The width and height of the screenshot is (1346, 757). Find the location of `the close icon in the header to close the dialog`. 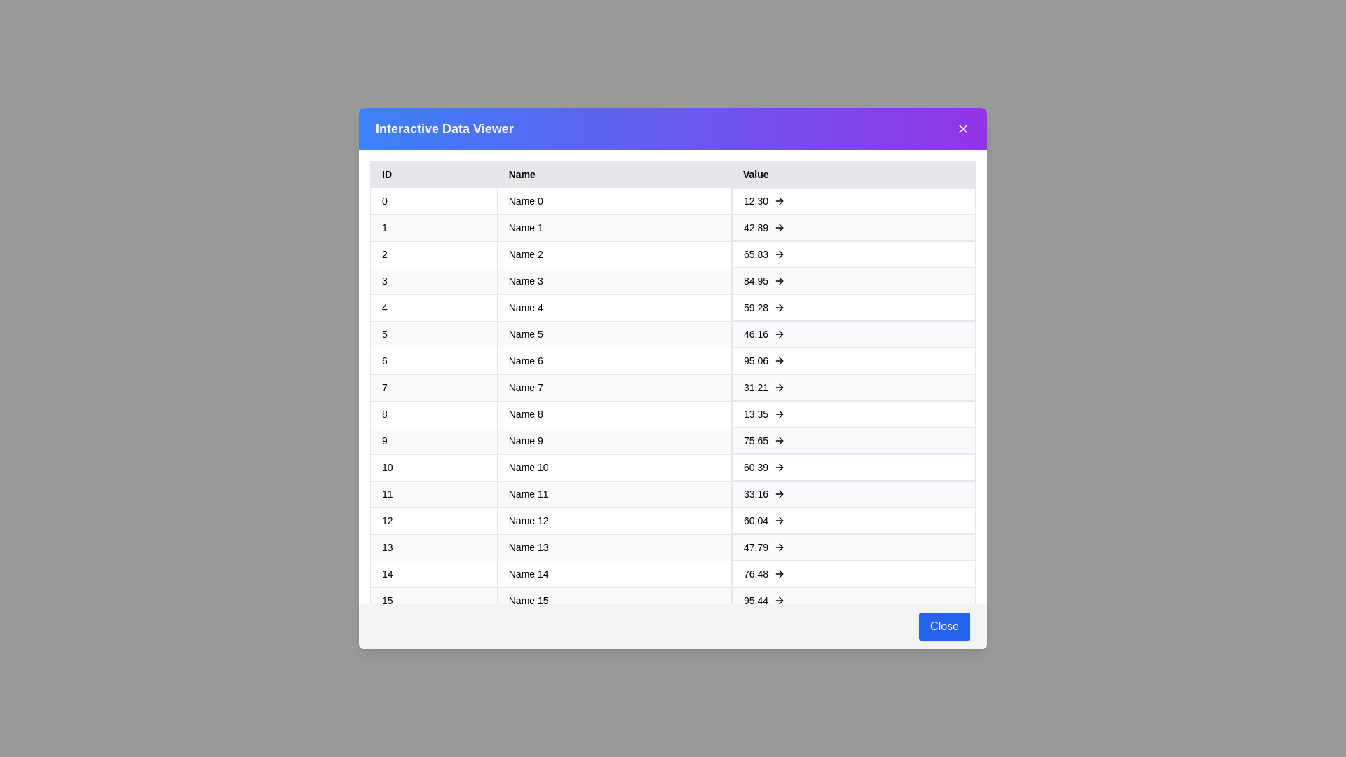

the close icon in the header to close the dialog is located at coordinates (962, 129).